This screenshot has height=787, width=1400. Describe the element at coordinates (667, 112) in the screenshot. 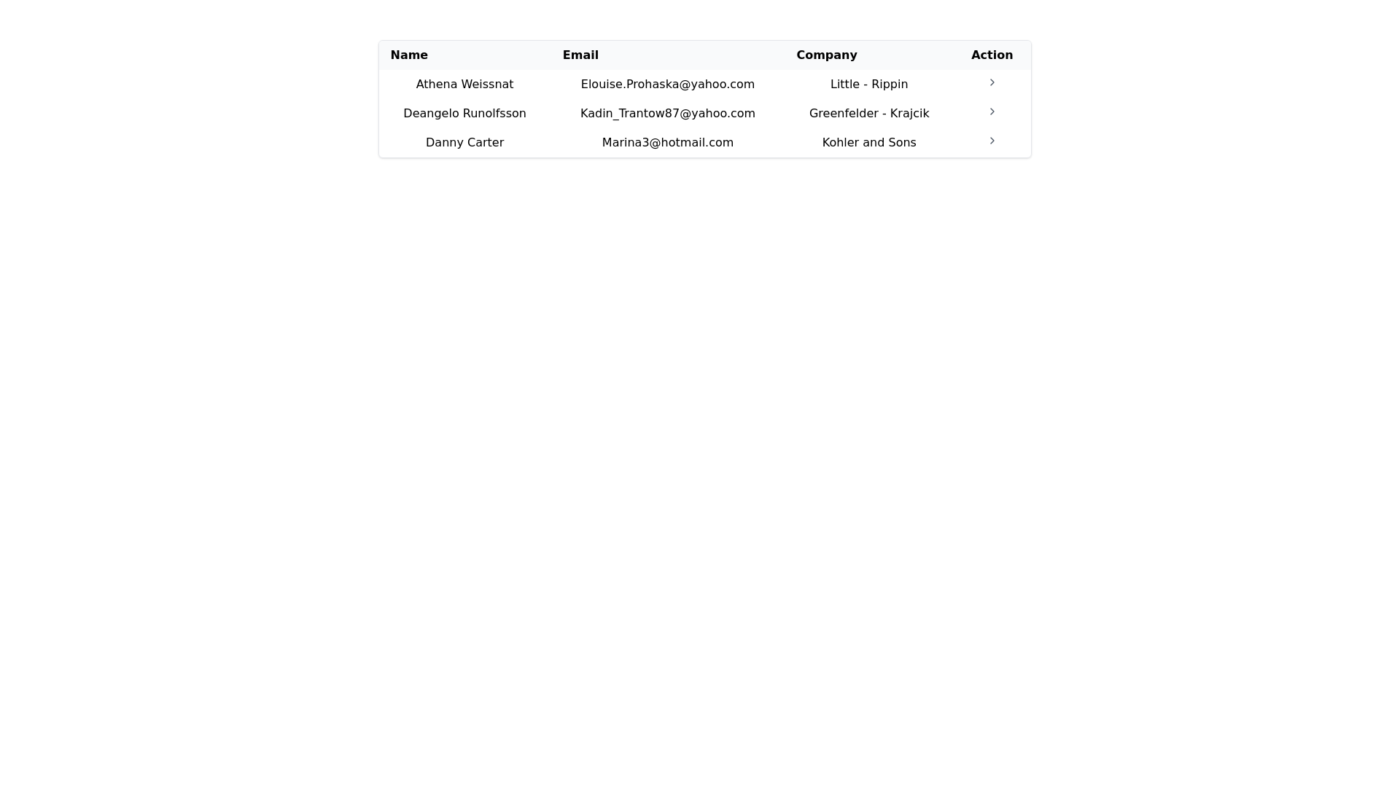

I see `text content of the email address 'Kadin_Trantow87@yahoo.com' displayed in the second column of the second row in the table` at that location.